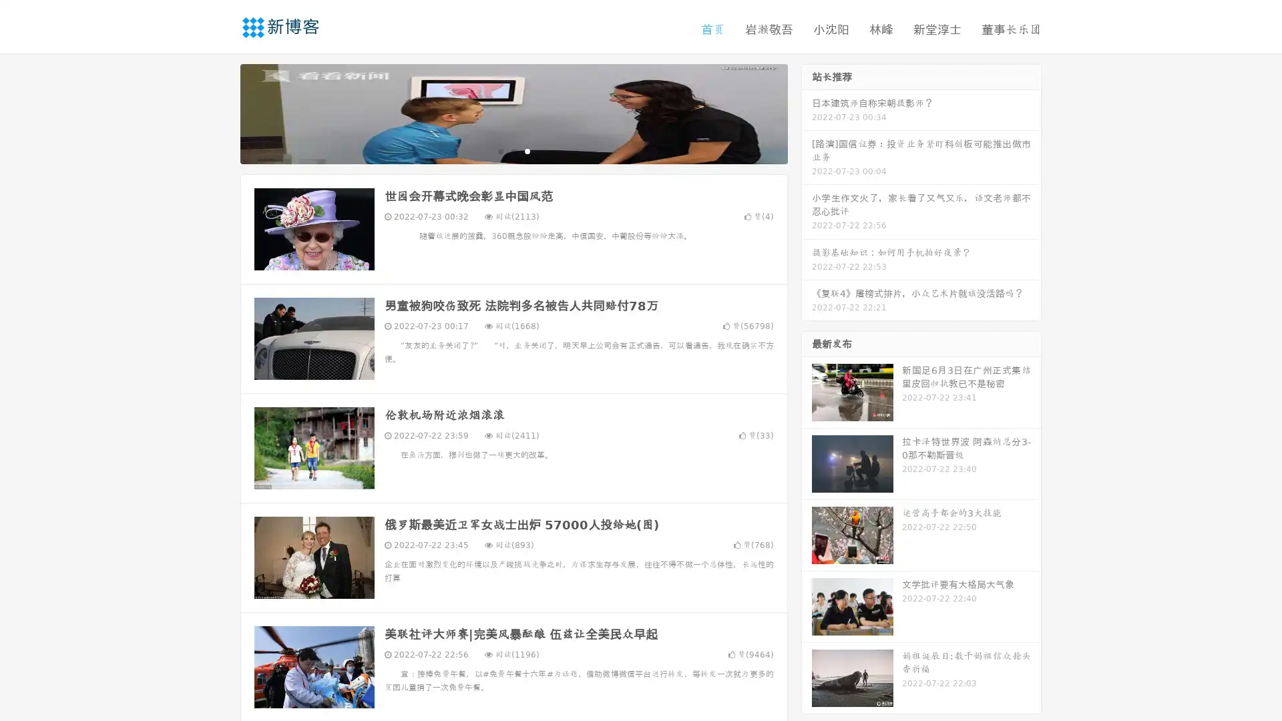  I want to click on Go to slide 2, so click(513, 150).